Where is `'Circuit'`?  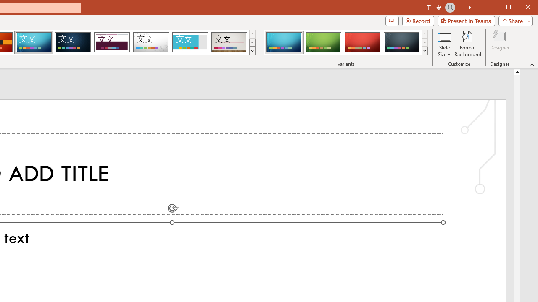 'Circuit' is located at coordinates (34, 42).